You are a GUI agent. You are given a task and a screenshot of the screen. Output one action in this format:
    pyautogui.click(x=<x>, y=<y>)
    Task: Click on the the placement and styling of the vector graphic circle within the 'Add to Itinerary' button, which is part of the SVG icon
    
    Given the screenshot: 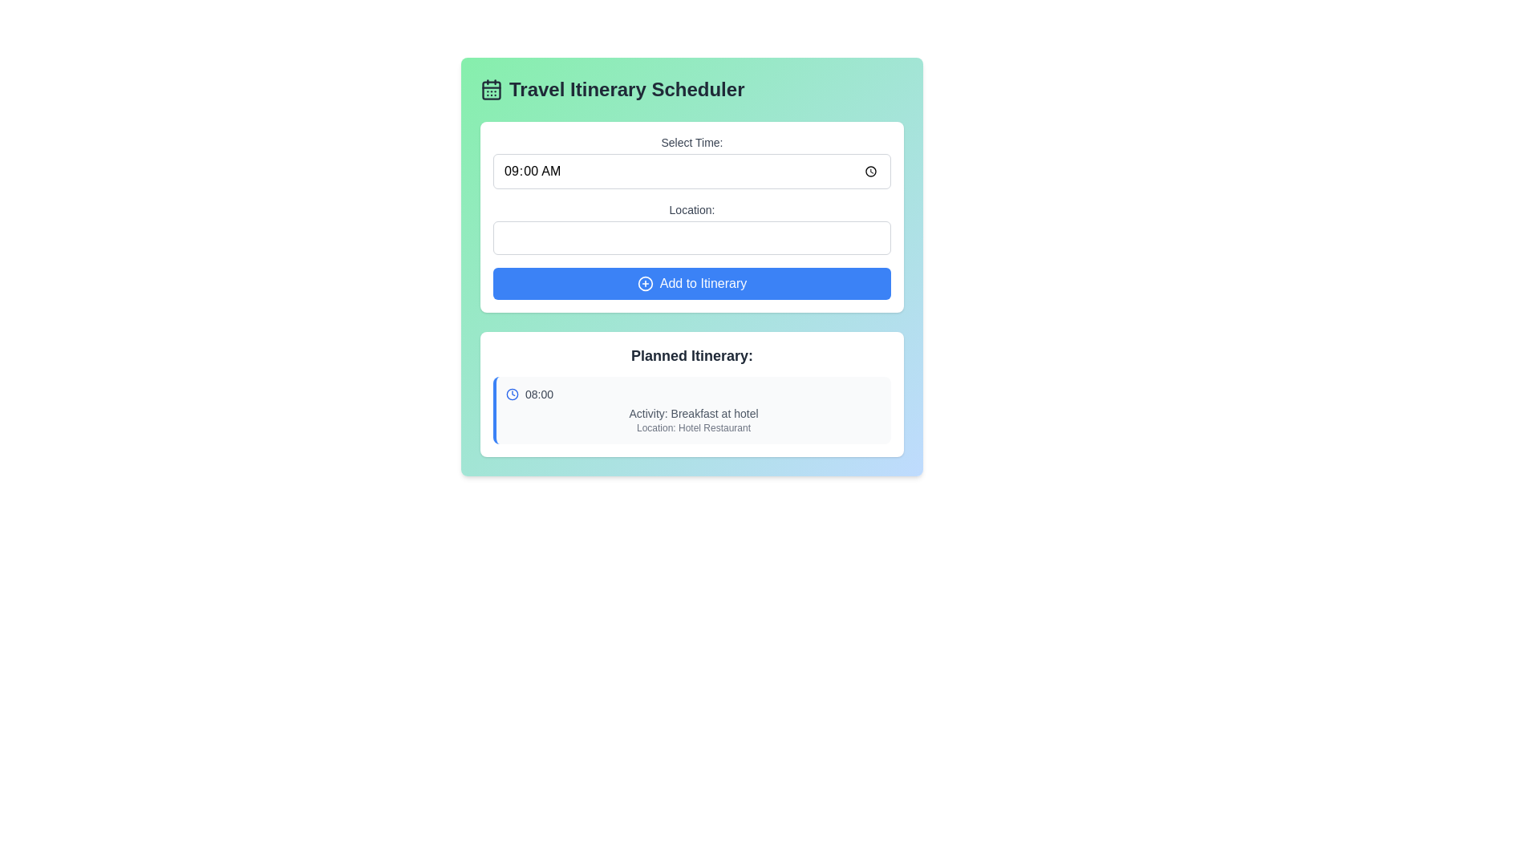 What is the action you would take?
    pyautogui.click(x=645, y=283)
    